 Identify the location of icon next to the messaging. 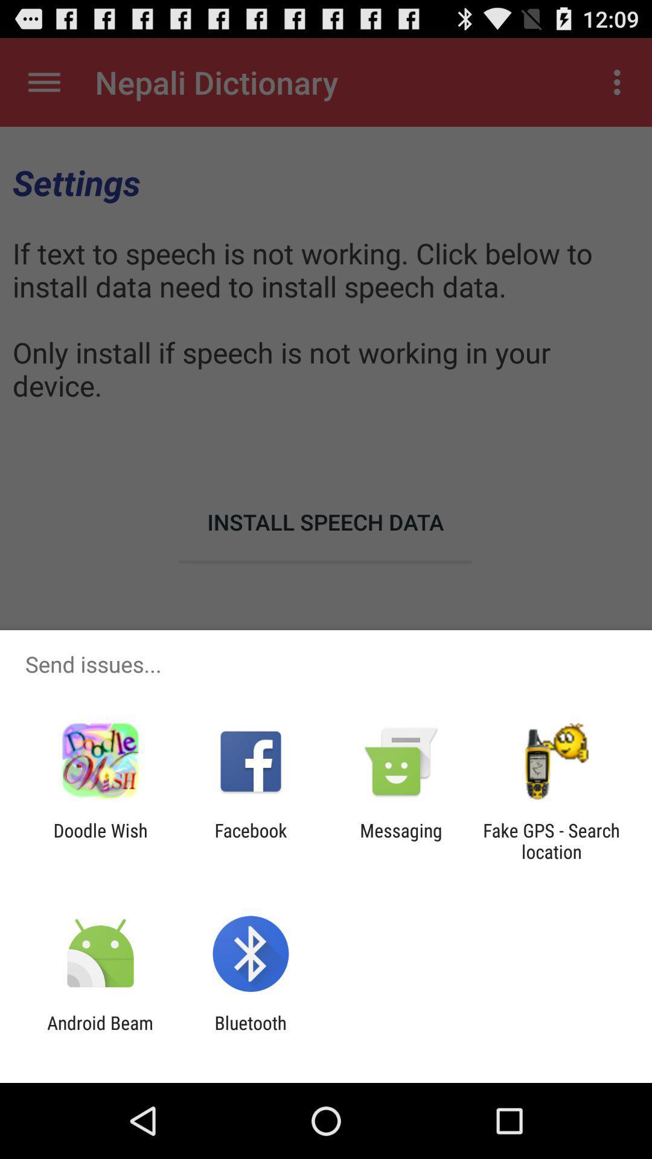
(250, 840).